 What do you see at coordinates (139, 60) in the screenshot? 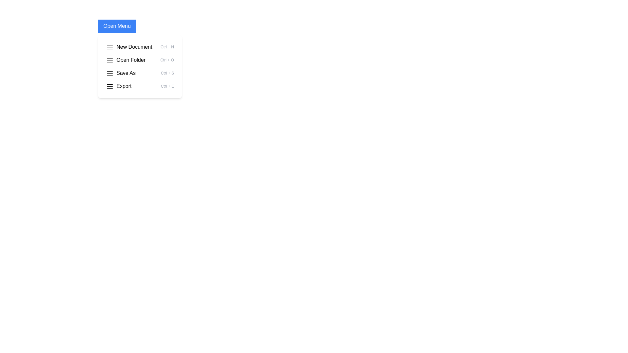
I see `the 'Open Folder' menu option to trigger the hover effect that changes its background color to light gray` at bounding box center [139, 60].